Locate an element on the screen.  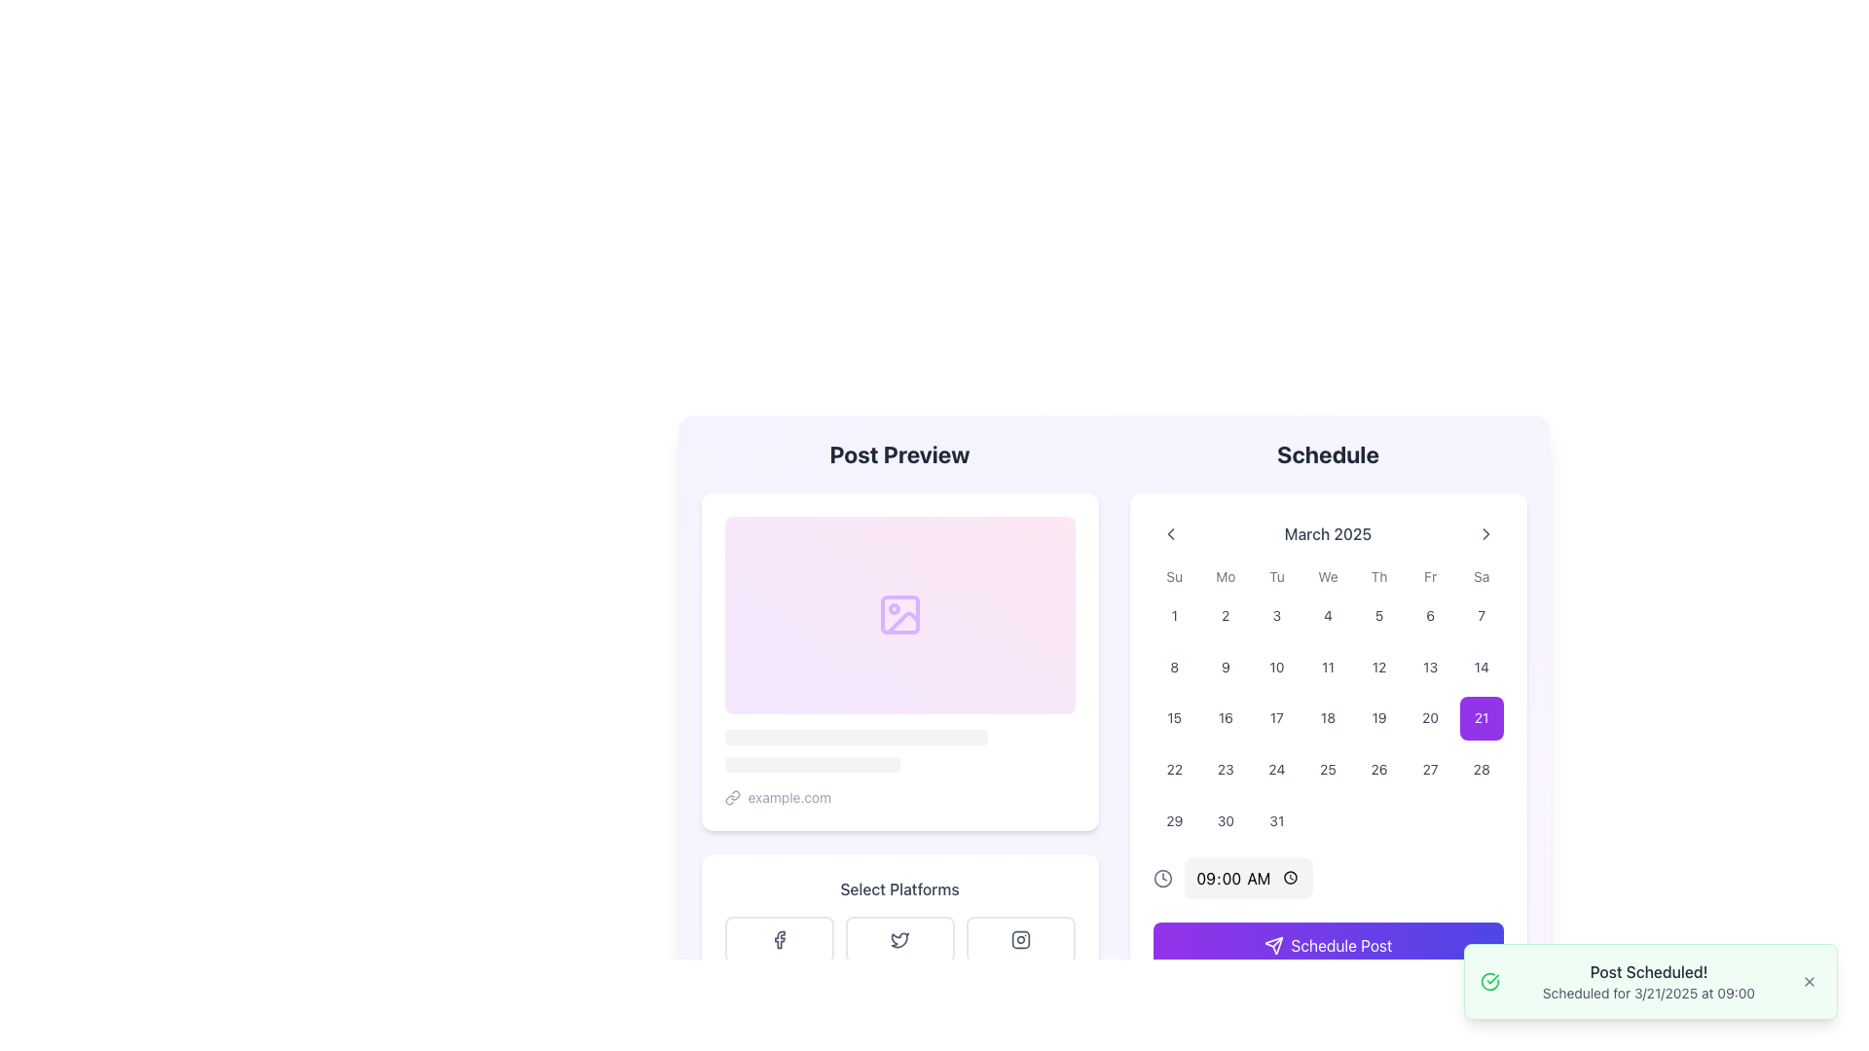
the Interactive panel with icons located below the 'Post Preview' section and above the schedule input form is located at coordinates (898, 920).